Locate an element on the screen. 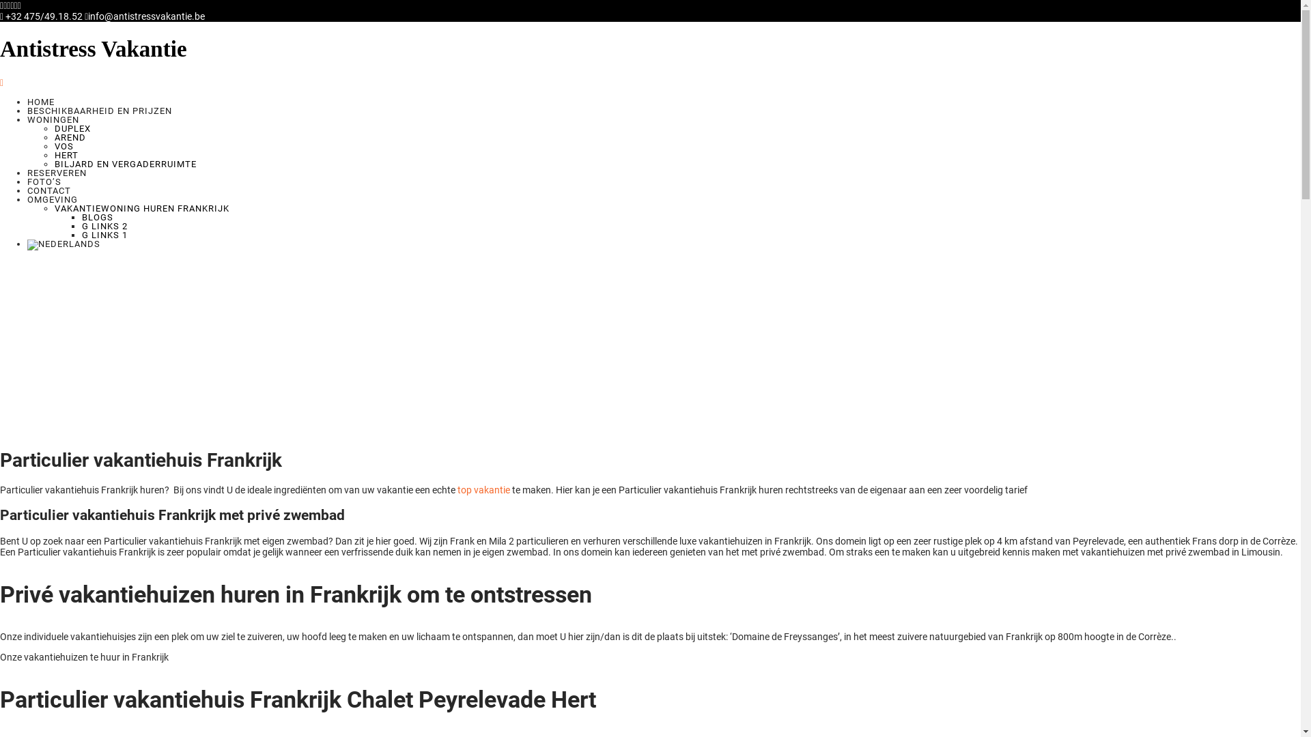 The height and width of the screenshot is (737, 1311). 'VOS' is located at coordinates (64, 146).